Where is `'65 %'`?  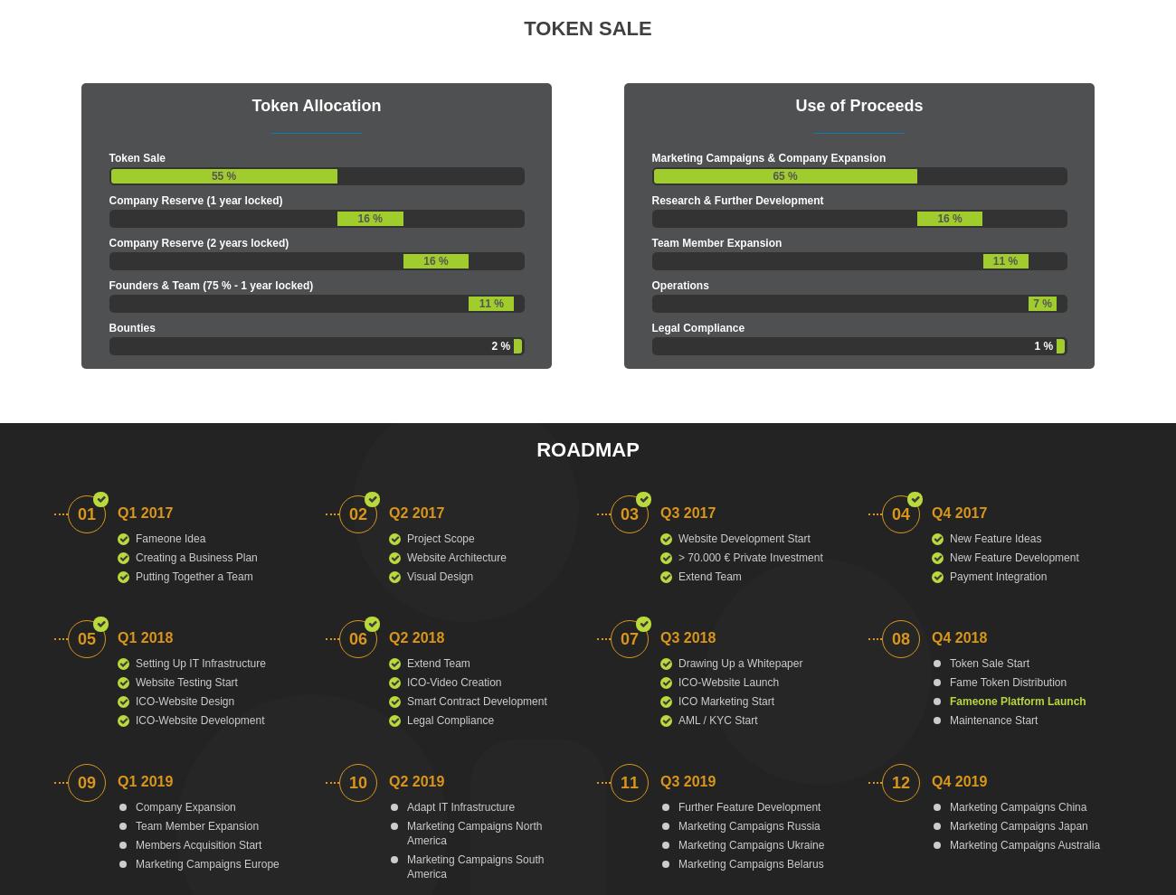 '65 %' is located at coordinates (783, 176).